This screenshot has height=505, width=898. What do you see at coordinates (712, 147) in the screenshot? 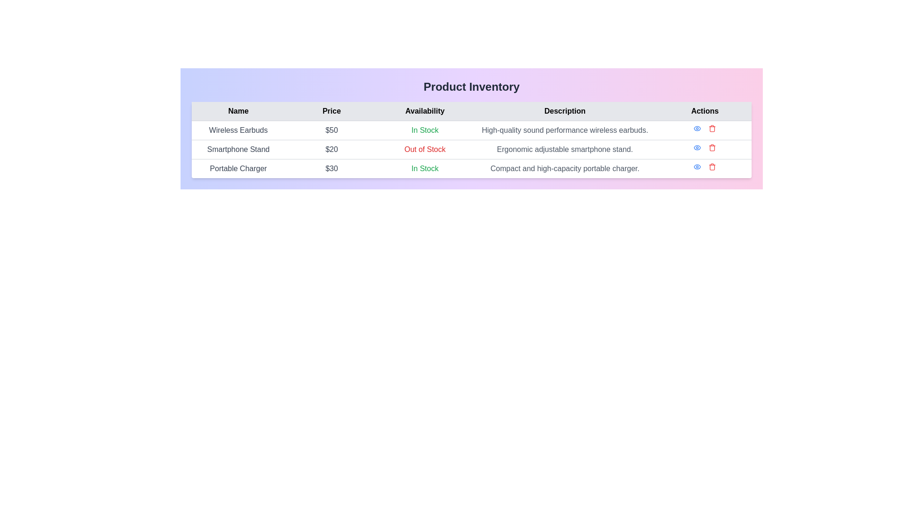
I see `the red trashcan icon button in the actions column of the 'Smartphone Stand' row in the Product Inventory table` at bounding box center [712, 147].